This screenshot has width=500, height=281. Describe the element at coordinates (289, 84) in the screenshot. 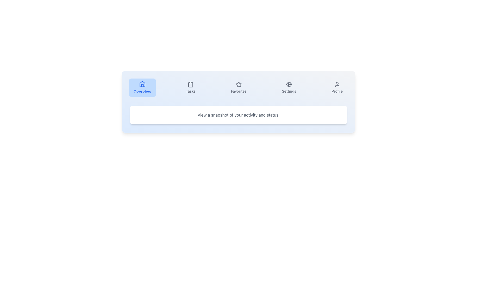

I see `the cogwheel-shaped icon located in the center of the 'Settings' button` at that location.